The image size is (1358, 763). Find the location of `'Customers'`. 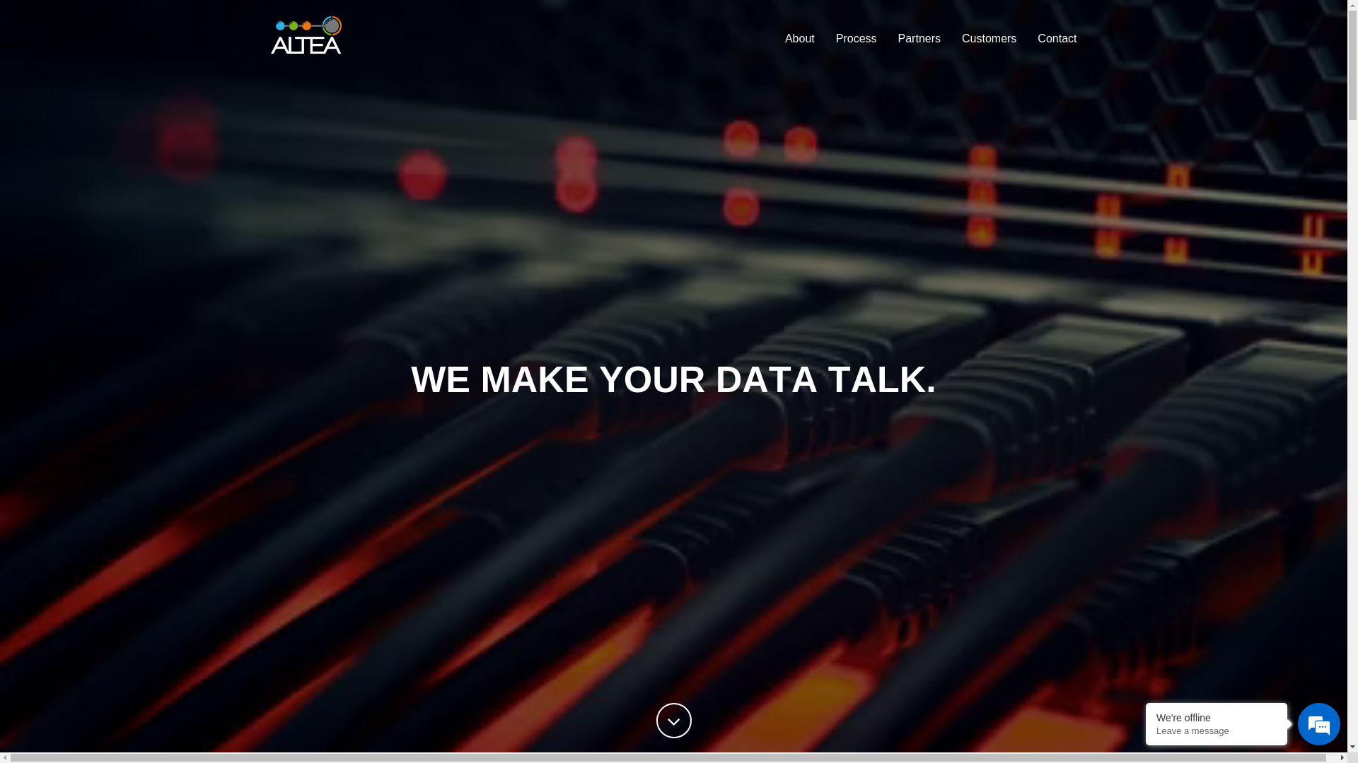

'Customers' is located at coordinates (951, 37).